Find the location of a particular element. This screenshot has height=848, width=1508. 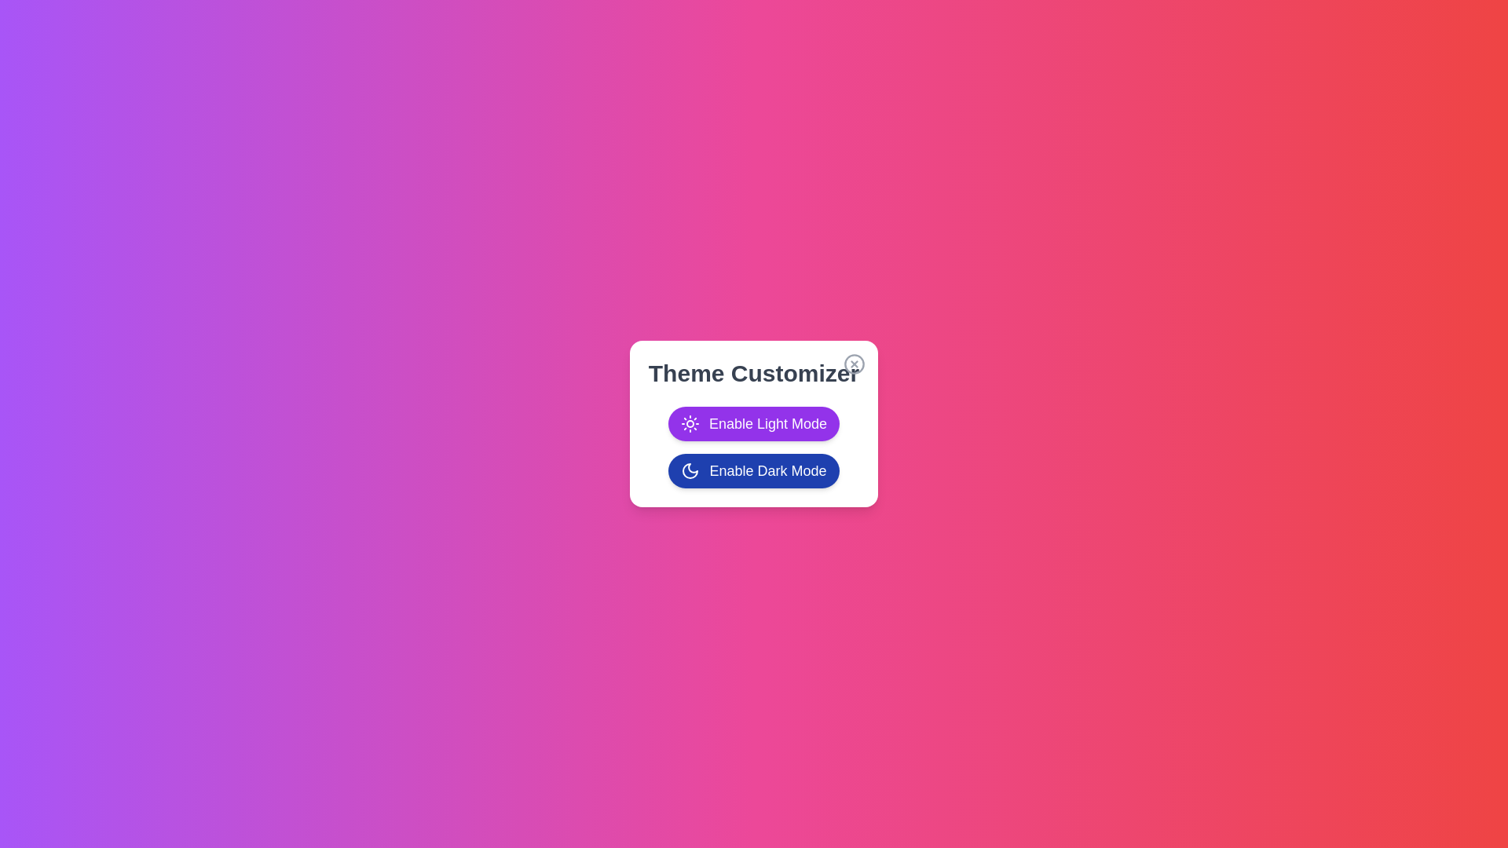

the 'Enable Dark Mode' button is located at coordinates (754, 470).